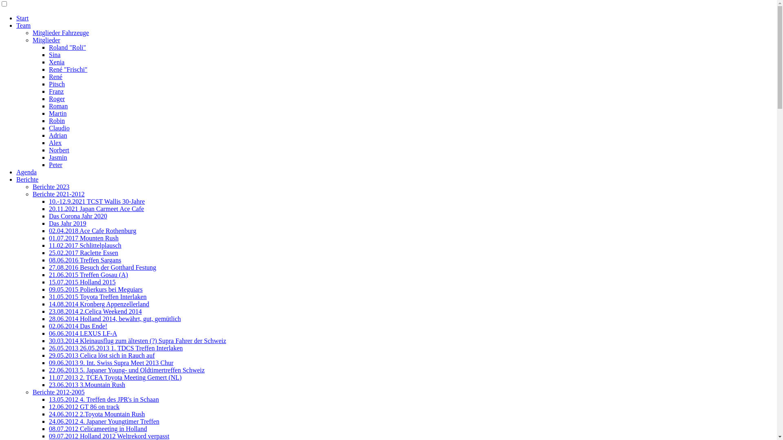 Image resolution: width=783 pixels, height=440 pixels. What do you see at coordinates (46, 40) in the screenshot?
I see `'Mitglieder'` at bounding box center [46, 40].